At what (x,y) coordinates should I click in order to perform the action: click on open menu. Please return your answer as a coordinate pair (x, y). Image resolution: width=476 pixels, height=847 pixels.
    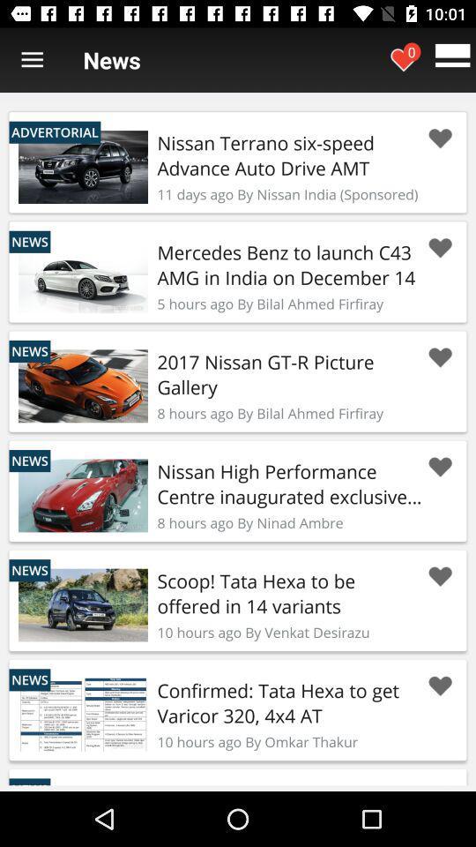
    Looking at the image, I should click on (32, 60).